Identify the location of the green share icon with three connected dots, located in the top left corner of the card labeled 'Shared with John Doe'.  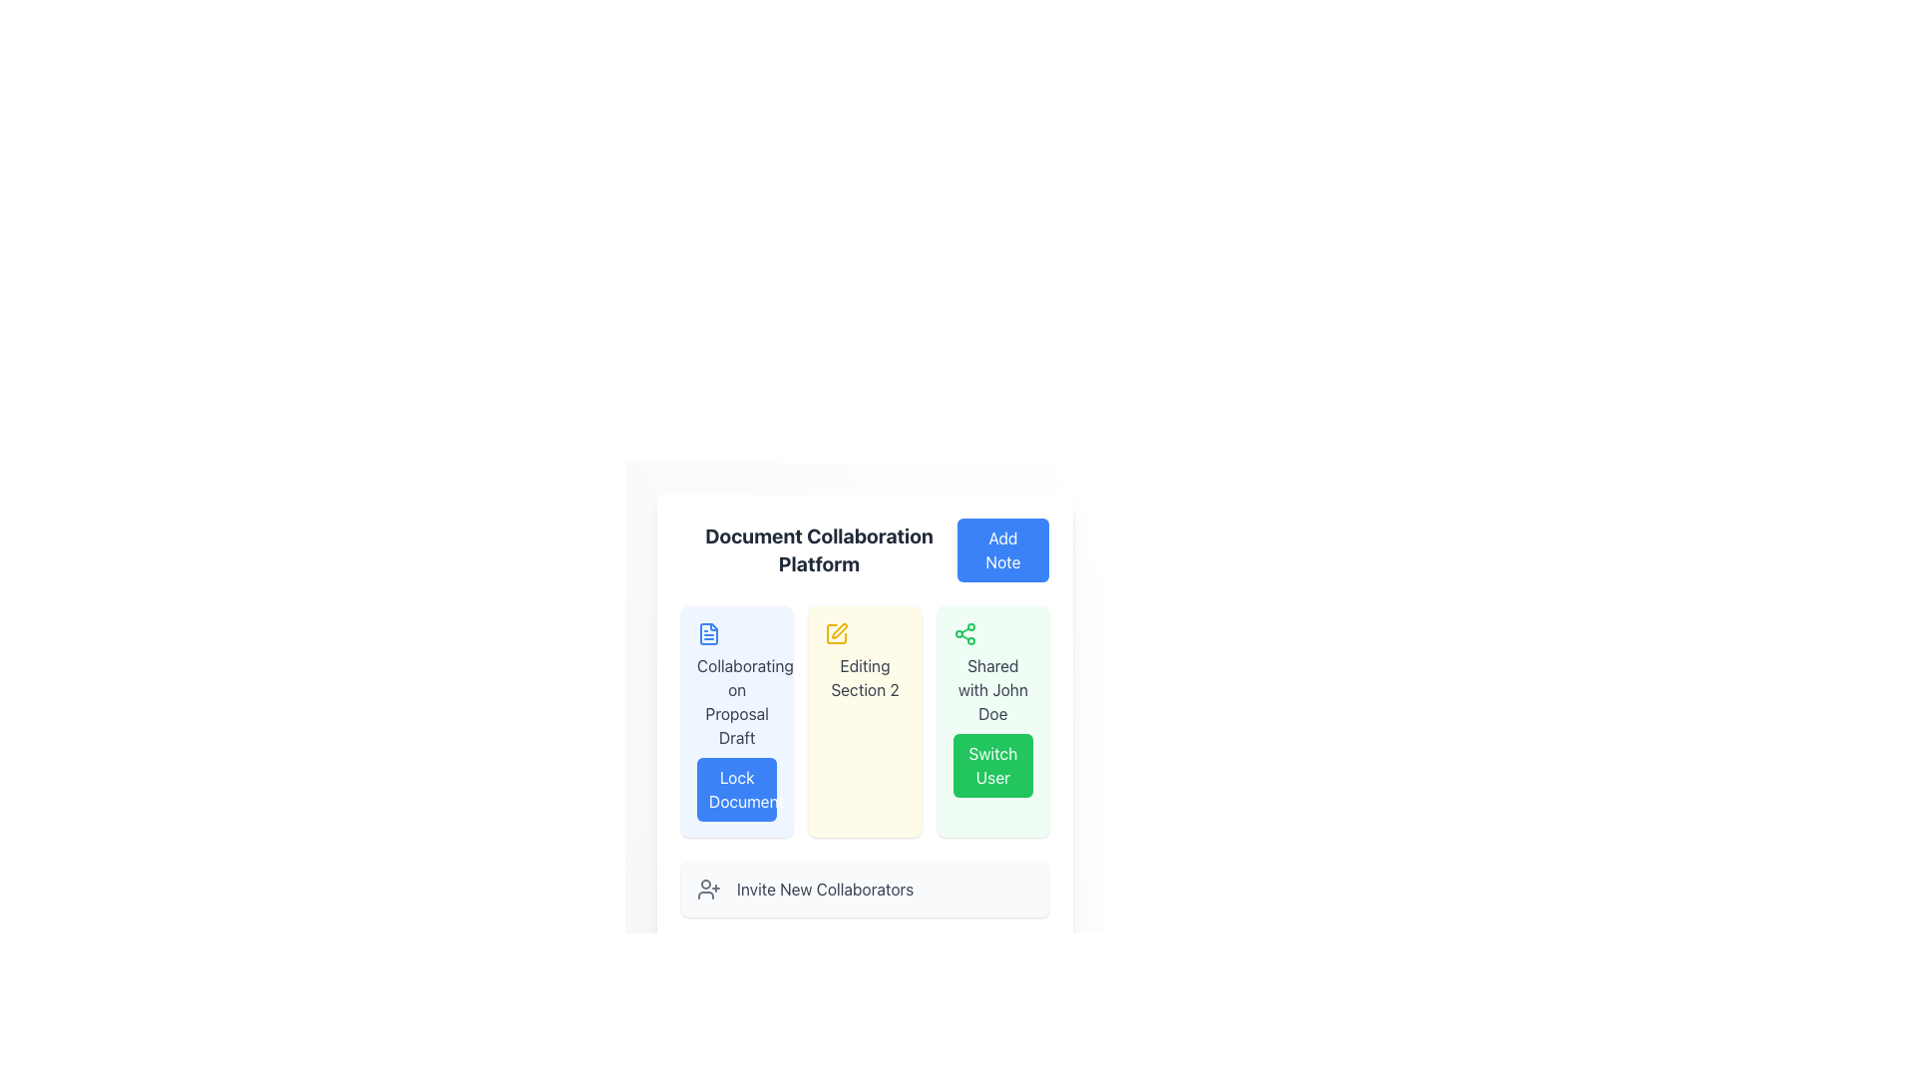
(964, 634).